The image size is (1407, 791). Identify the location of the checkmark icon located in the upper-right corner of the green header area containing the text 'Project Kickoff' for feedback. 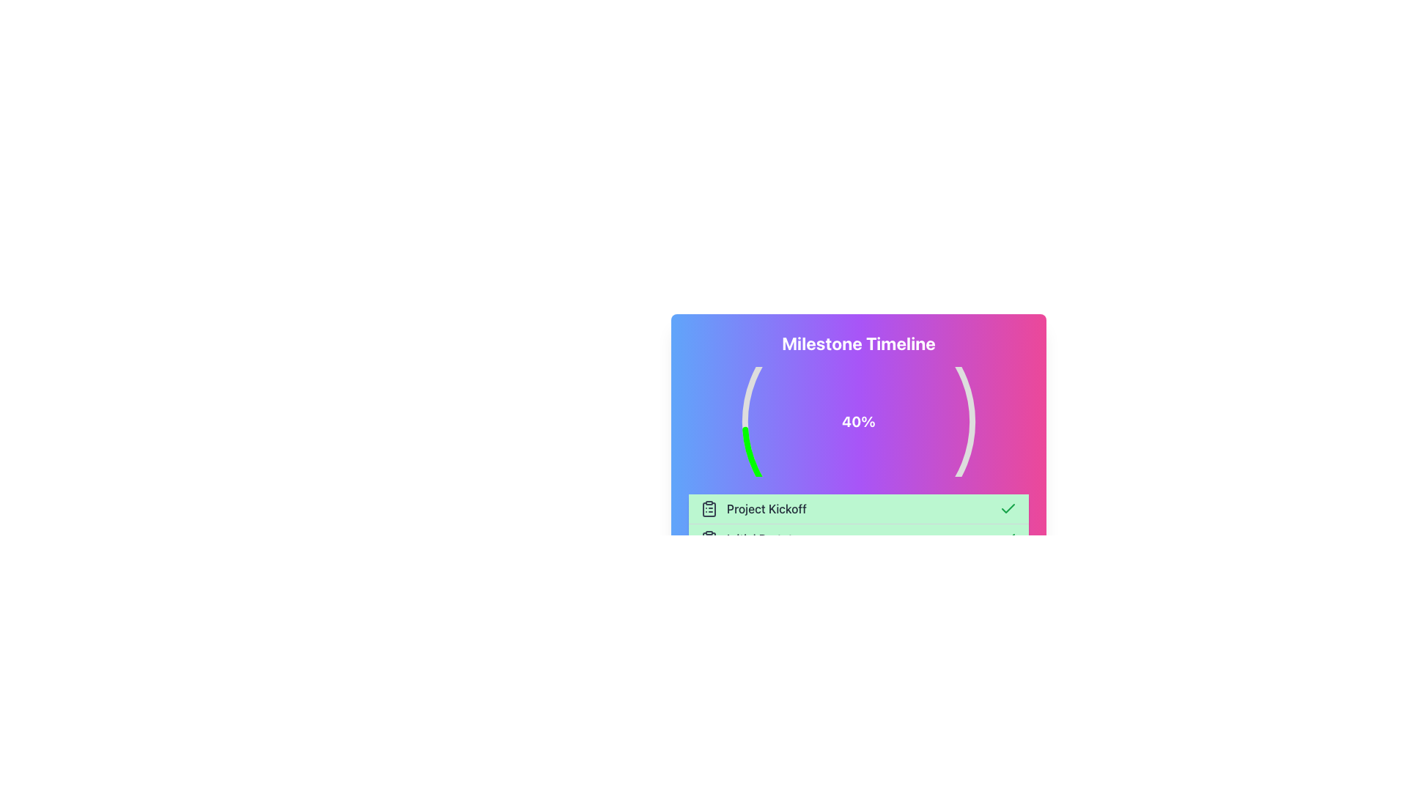
(1008, 508).